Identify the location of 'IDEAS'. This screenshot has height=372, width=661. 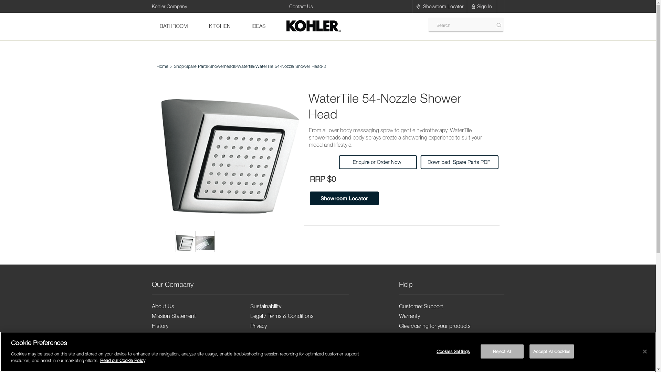
(258, 26).